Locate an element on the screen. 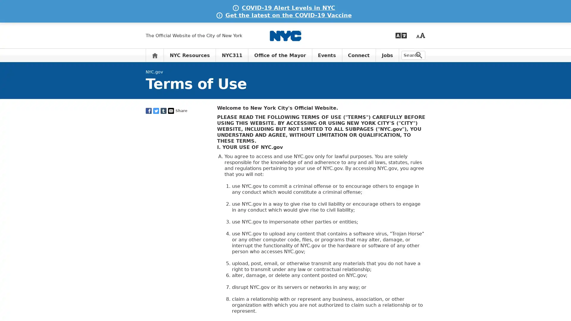  Toggle Language Translation is located at coordinates (401, 35).